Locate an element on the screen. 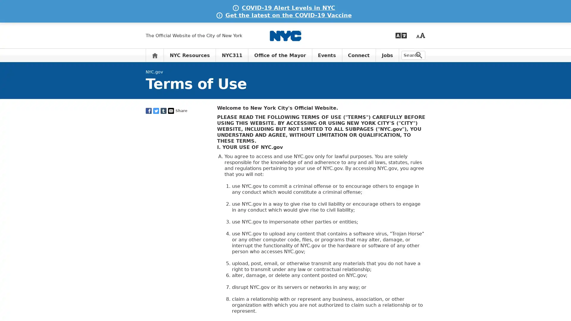  Toggle Language Translation is located at coordinates (401, 35).